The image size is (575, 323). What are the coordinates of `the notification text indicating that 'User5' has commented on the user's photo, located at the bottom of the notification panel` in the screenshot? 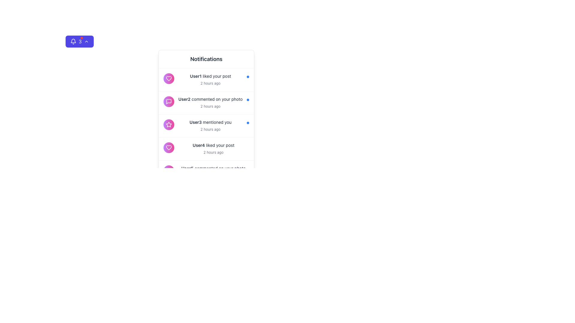 It's located at (214, 168).